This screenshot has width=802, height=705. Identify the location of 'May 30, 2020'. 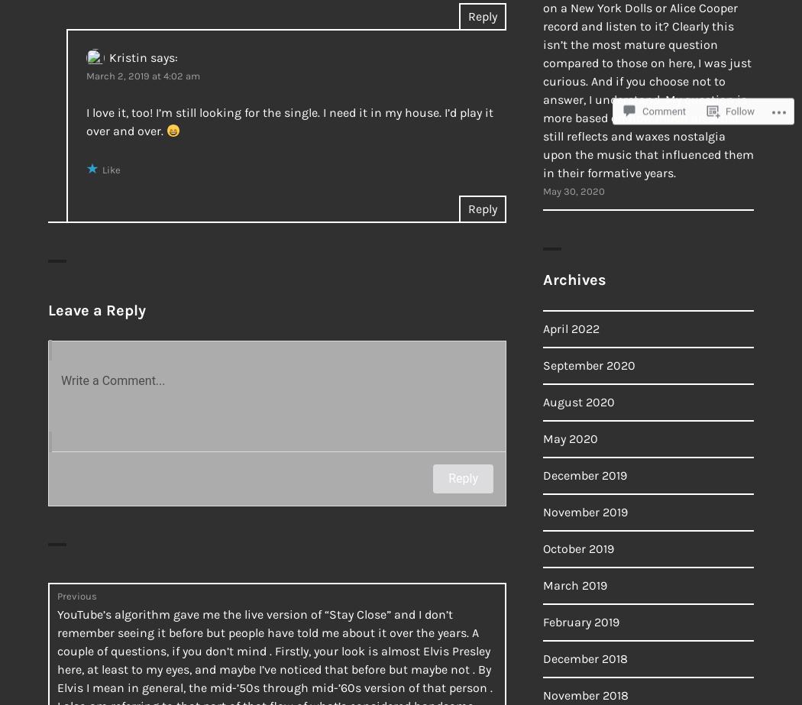
(574, 191).